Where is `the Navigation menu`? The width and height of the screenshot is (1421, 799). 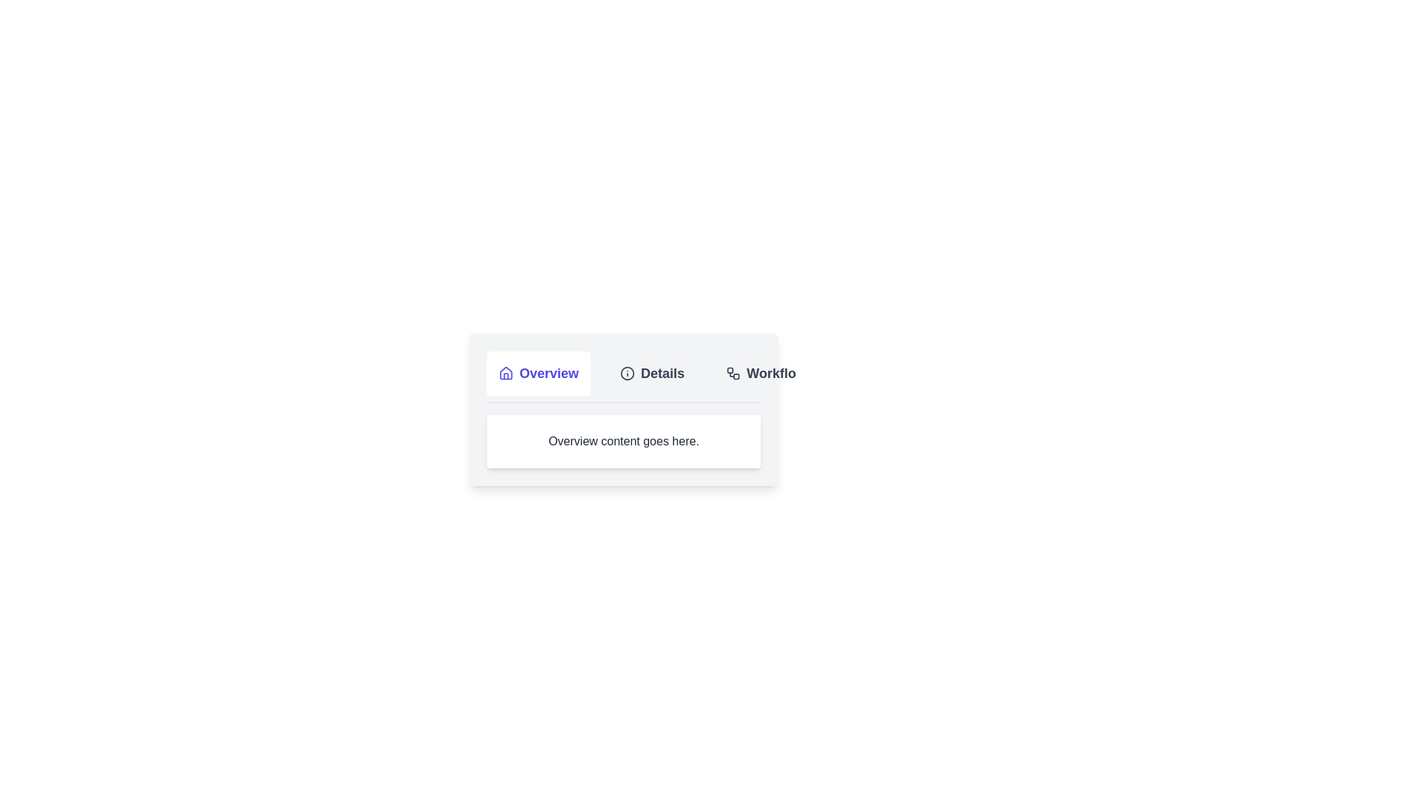 the Navigation menu is located at coordinates (624, 376).